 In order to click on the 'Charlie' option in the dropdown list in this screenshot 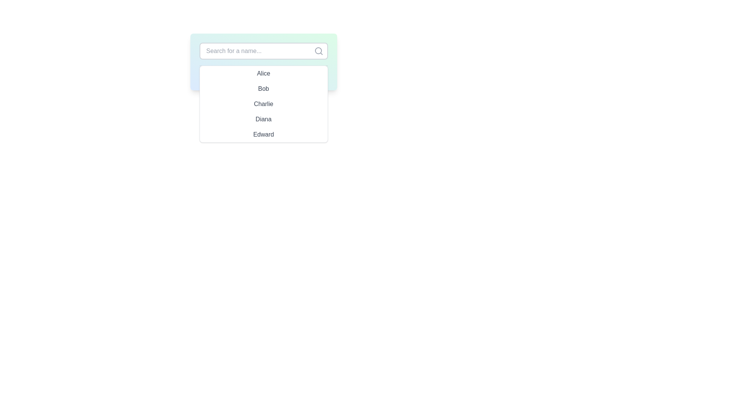, I will do `click(263, 104)`.